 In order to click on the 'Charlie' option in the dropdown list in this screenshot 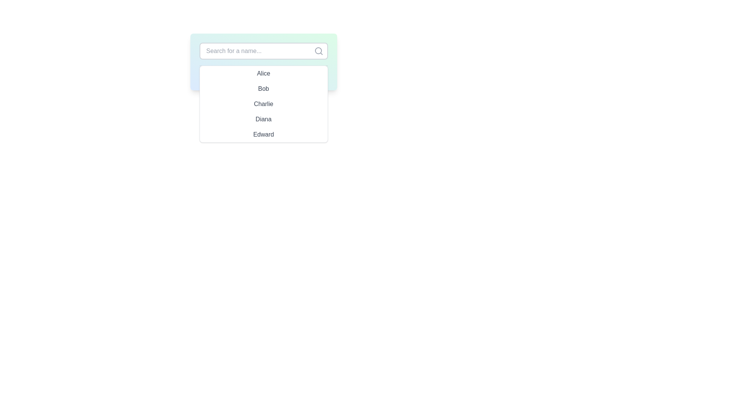, I will do `click(263, 104)`.